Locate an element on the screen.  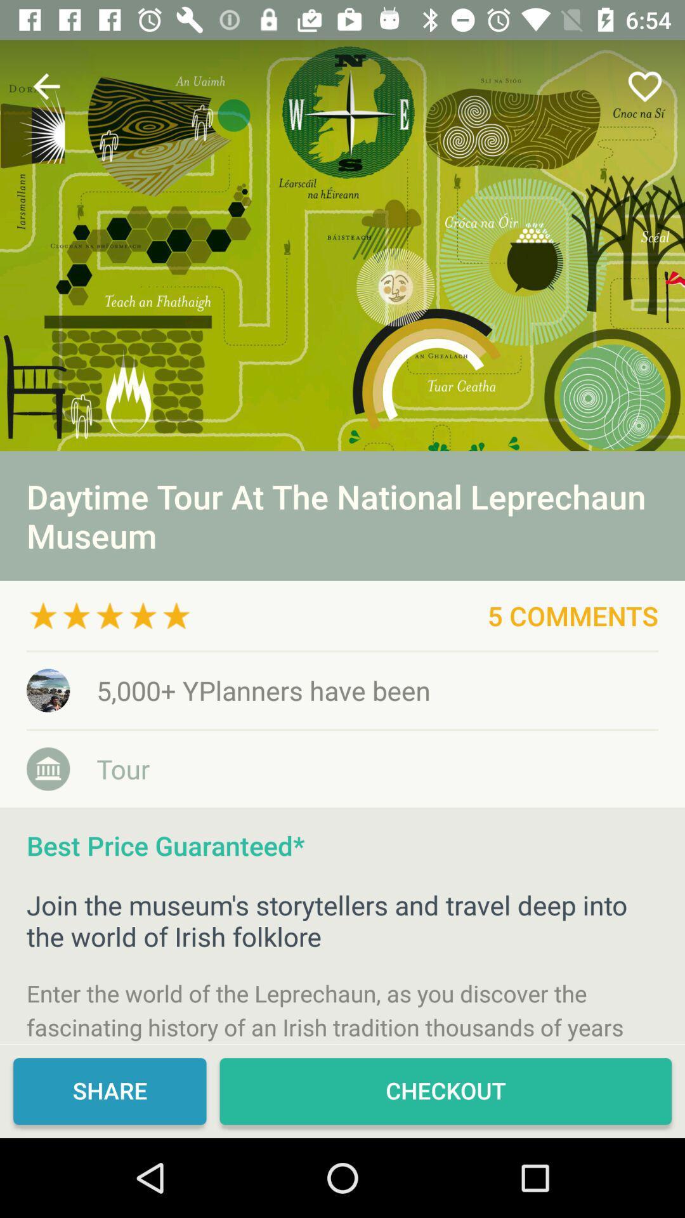
its an advertisement is located at coordinates (342, 246).